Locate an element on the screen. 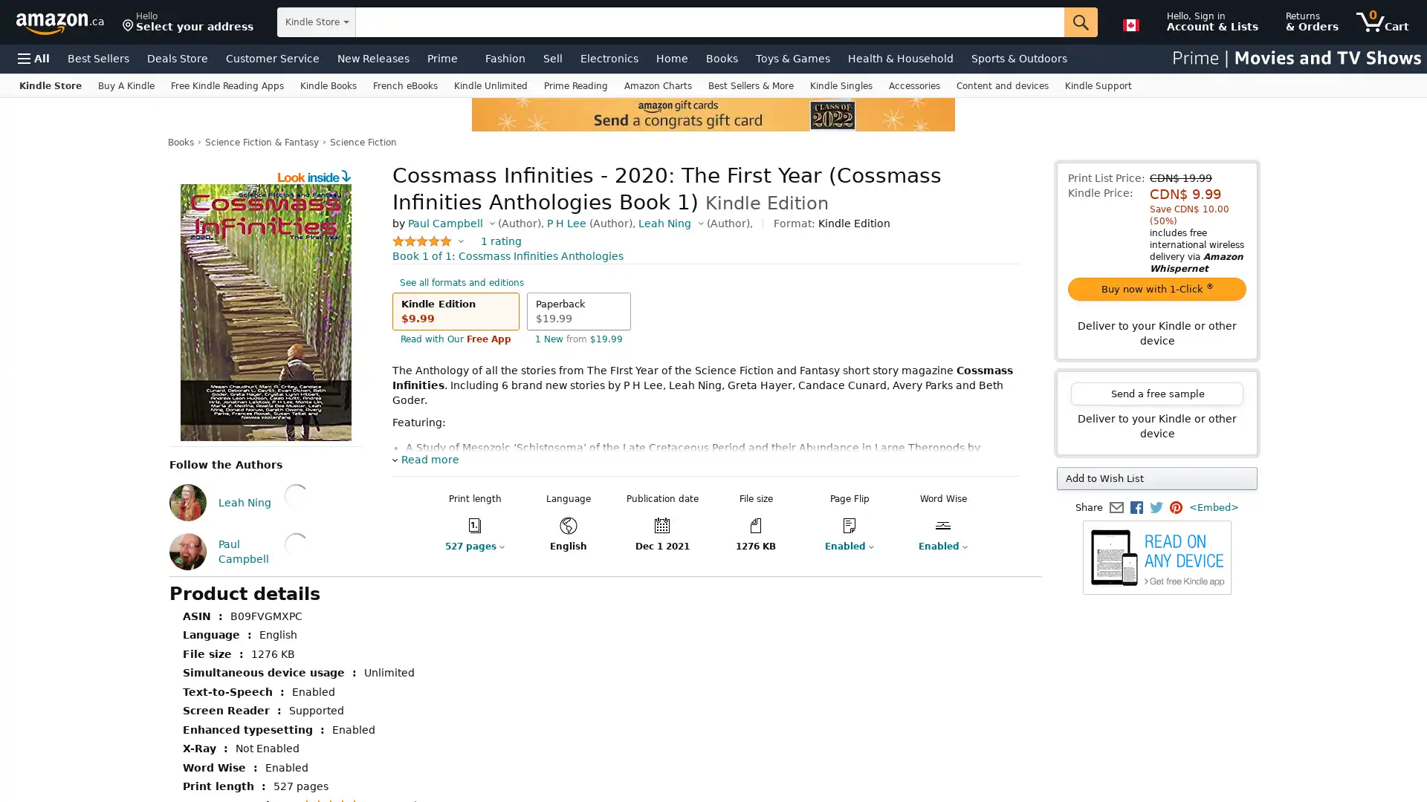  527 pages is located at coordinates (462, 561).